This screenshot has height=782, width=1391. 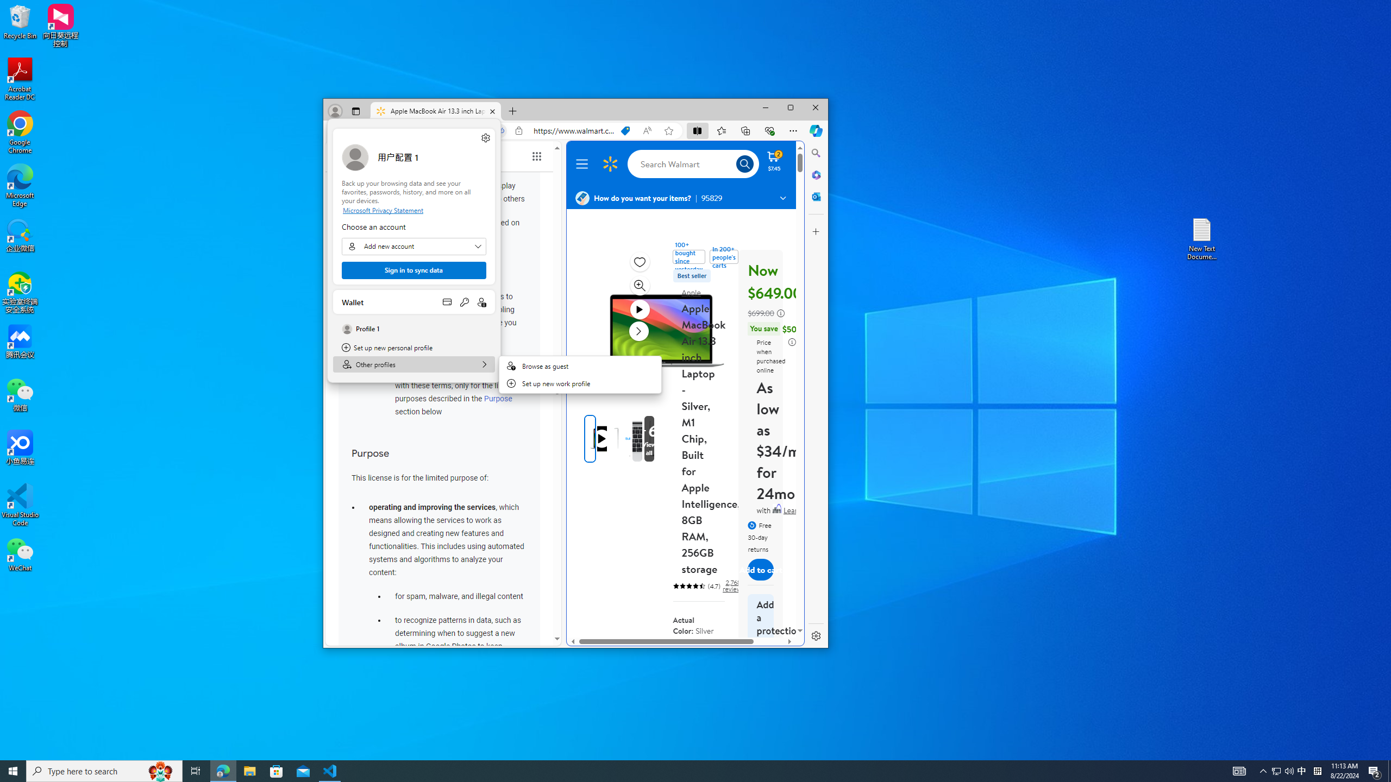 I want to click on 'Action Center, 2 new notifications', so click(x=1375, y=770).